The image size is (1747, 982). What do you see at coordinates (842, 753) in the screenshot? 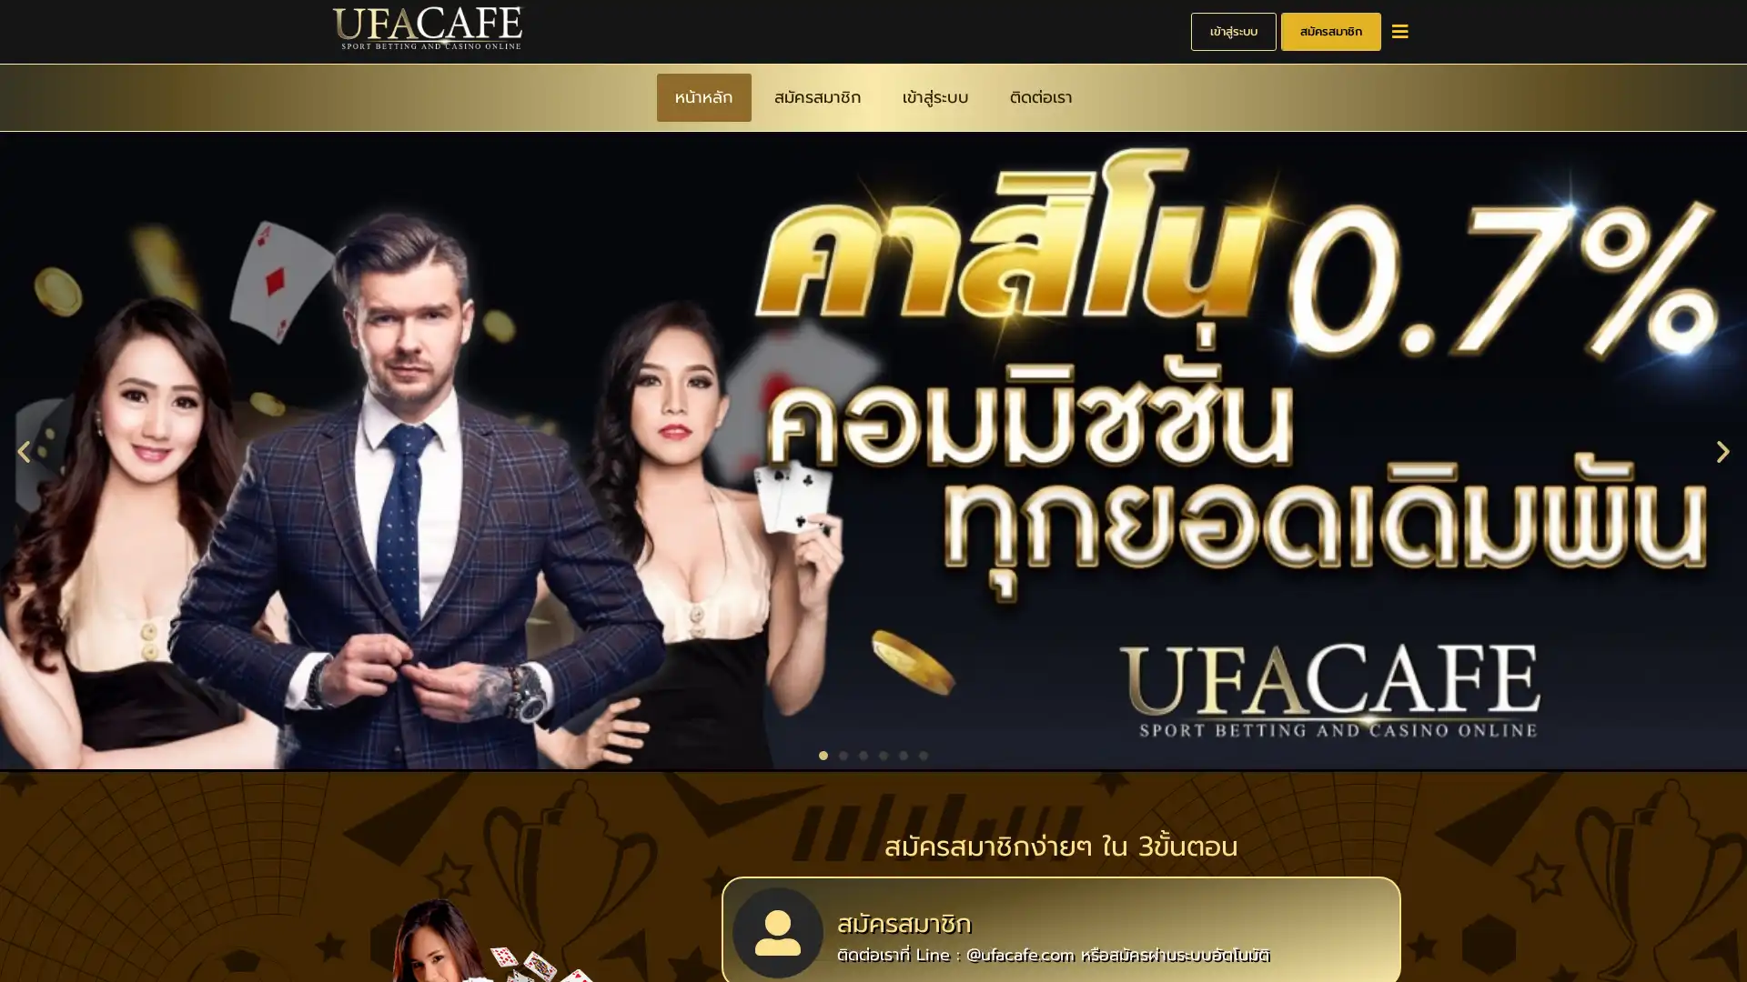
I see `Go to slide 2` at bounding box center [842, 753].